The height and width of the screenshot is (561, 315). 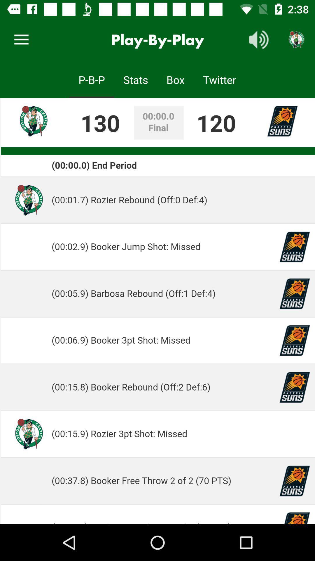 I want to click on game play visible, so click(x=157, y=311).